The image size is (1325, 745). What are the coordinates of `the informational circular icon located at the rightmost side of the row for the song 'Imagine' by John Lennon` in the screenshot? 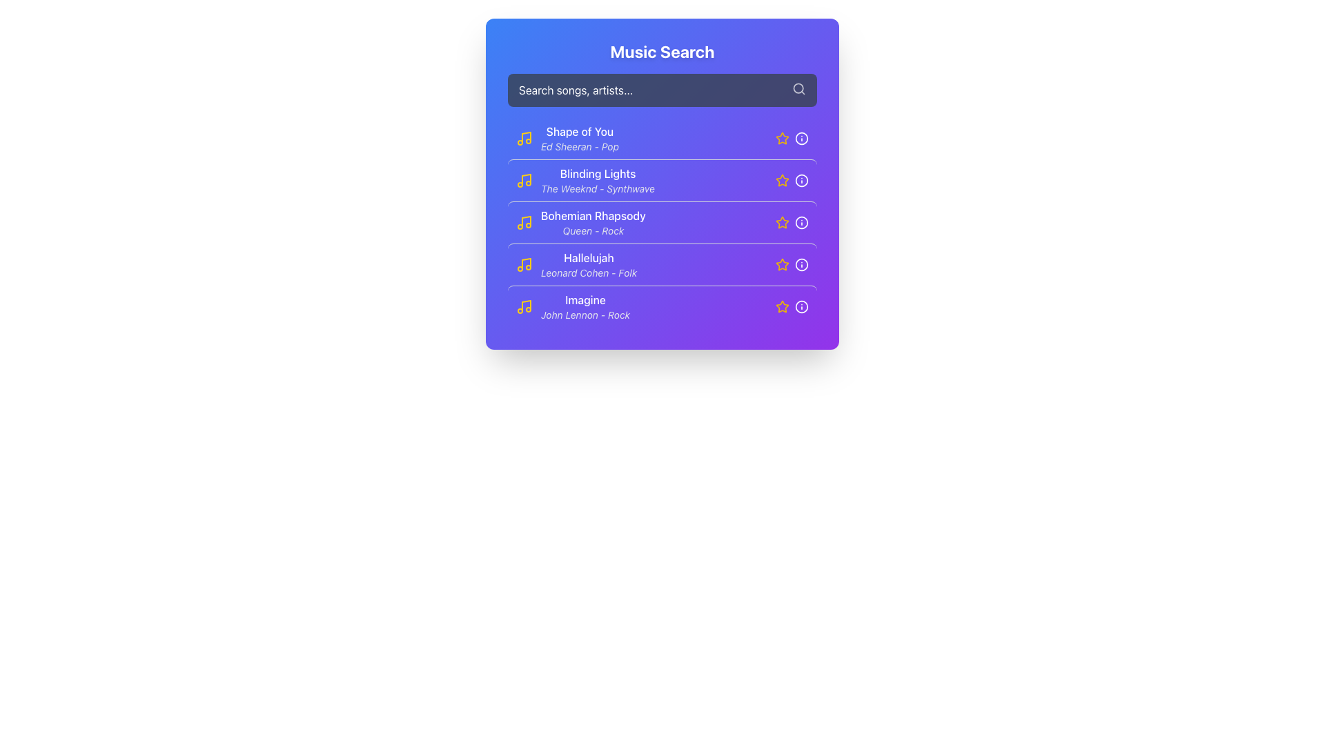 It's located at (801, 306).